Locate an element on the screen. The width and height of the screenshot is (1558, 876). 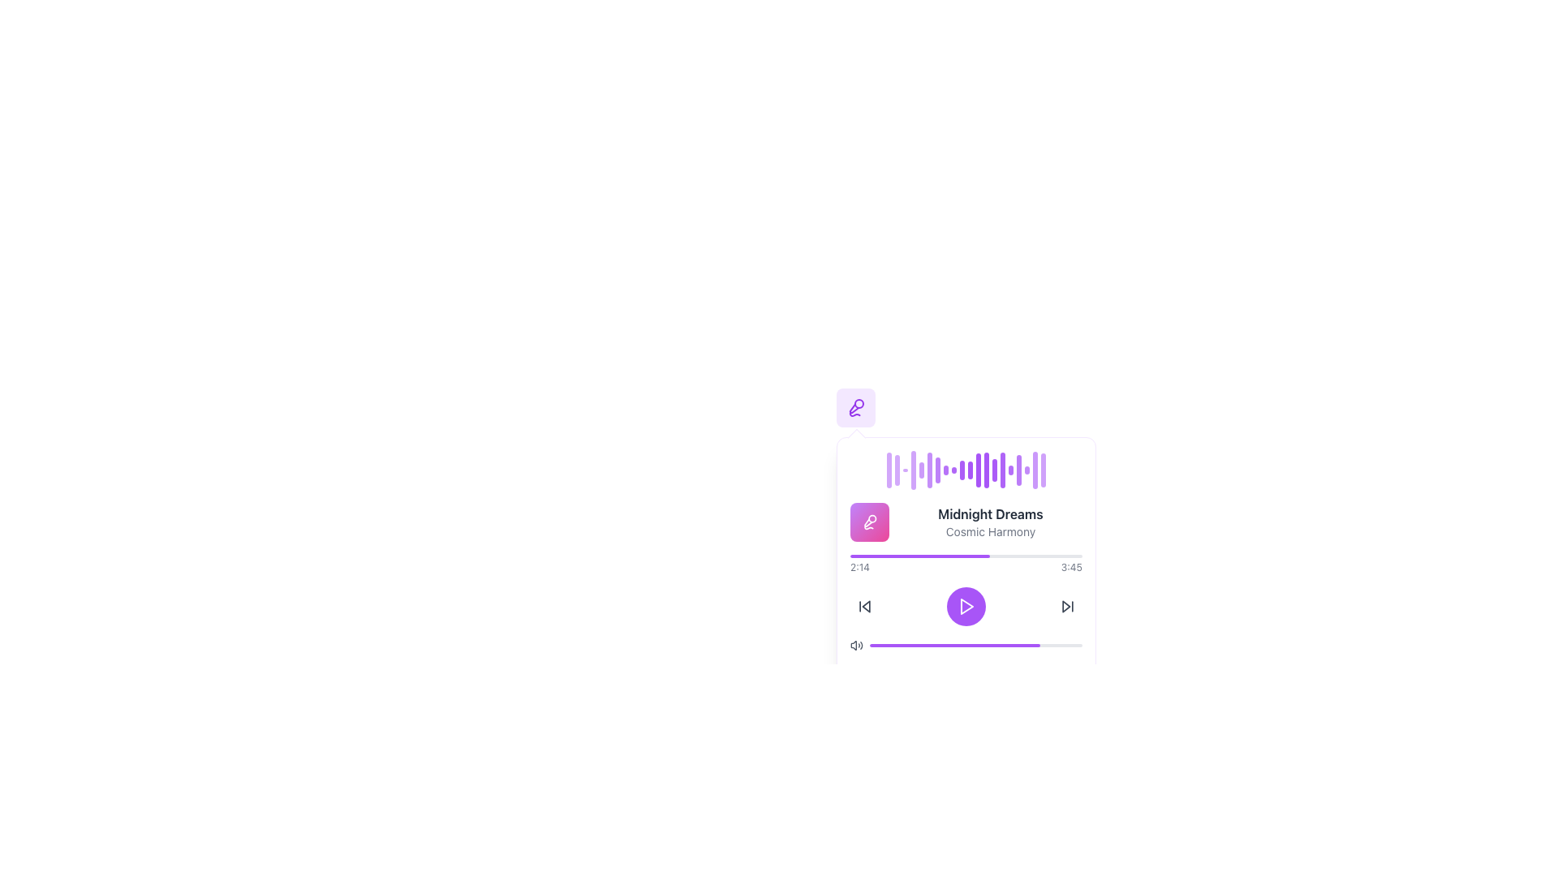
the last decorative vertical purple bar with a rounded end, part of a waveform design, located at the far-right end of the group is located at coordinates (1044, 469).